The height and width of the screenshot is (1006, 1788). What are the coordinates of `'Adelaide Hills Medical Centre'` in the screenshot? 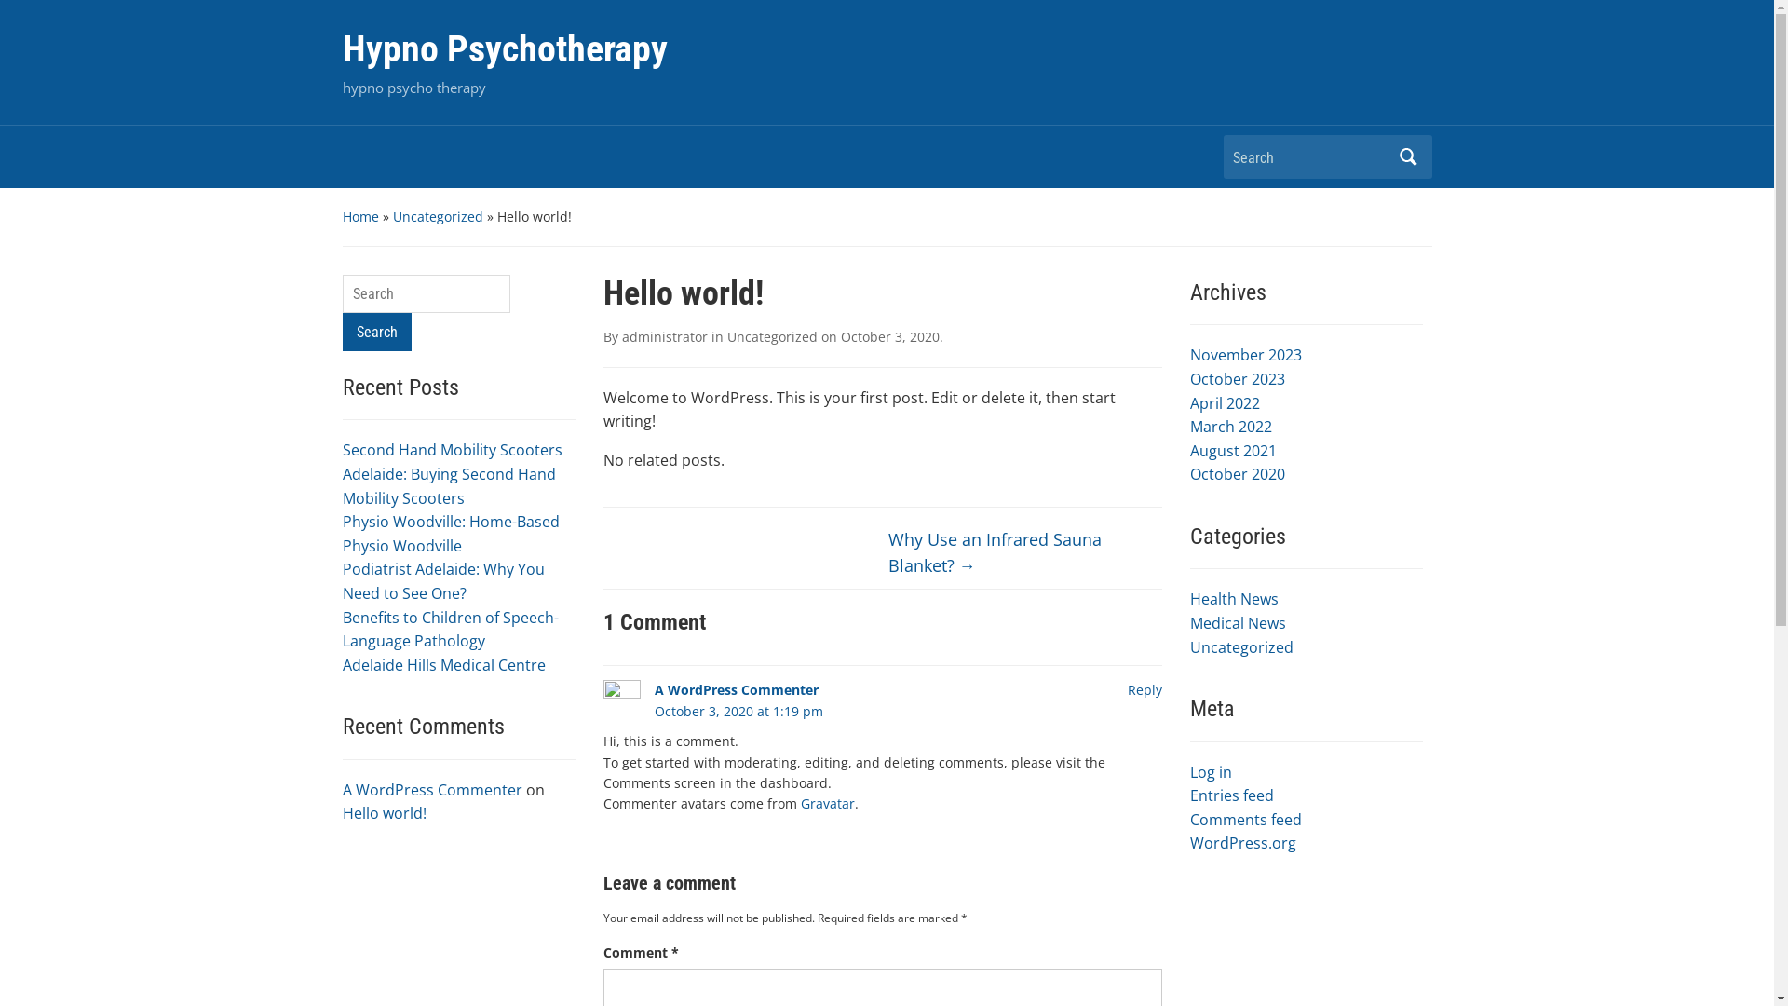 It's located at (442, 663).